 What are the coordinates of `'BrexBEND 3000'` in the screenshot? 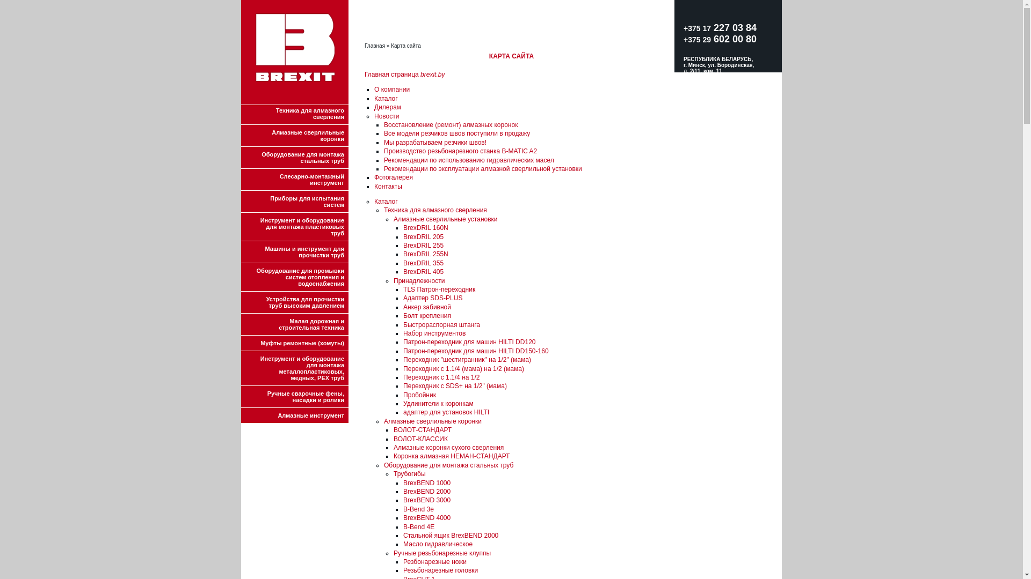 It's located at (426, 500).